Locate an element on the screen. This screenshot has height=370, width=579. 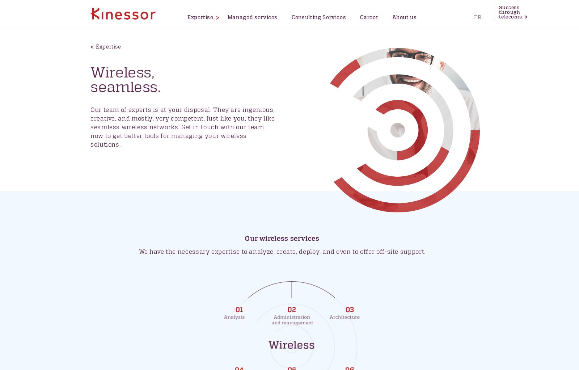
'Career' is located at coordinates (369, 17).